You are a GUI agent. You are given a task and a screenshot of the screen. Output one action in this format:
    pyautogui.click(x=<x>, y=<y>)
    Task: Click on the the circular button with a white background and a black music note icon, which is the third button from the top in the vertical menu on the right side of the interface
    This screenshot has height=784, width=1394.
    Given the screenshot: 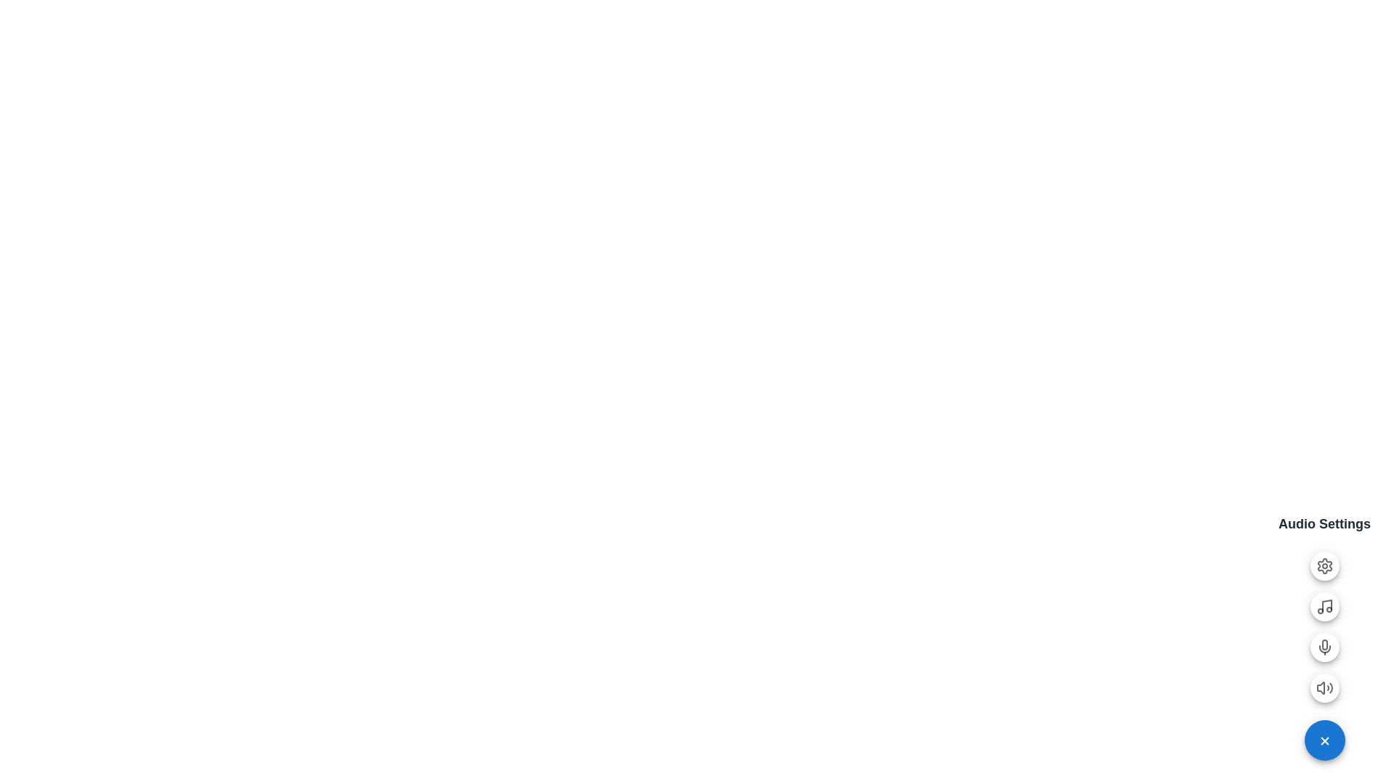 What is the action you would take?
    pyautogui.click(x=1324, y=607)
    